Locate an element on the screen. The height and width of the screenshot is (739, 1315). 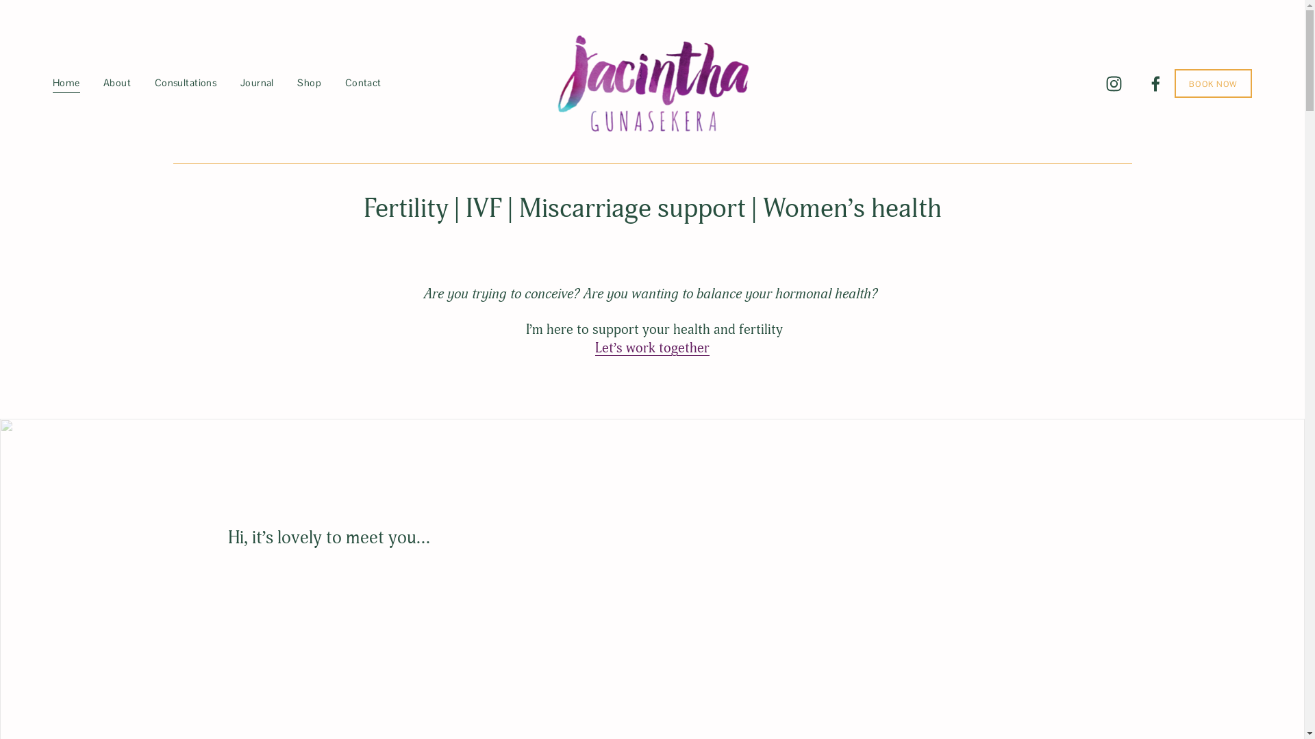
'Home' is located at coordinates (65, 83).